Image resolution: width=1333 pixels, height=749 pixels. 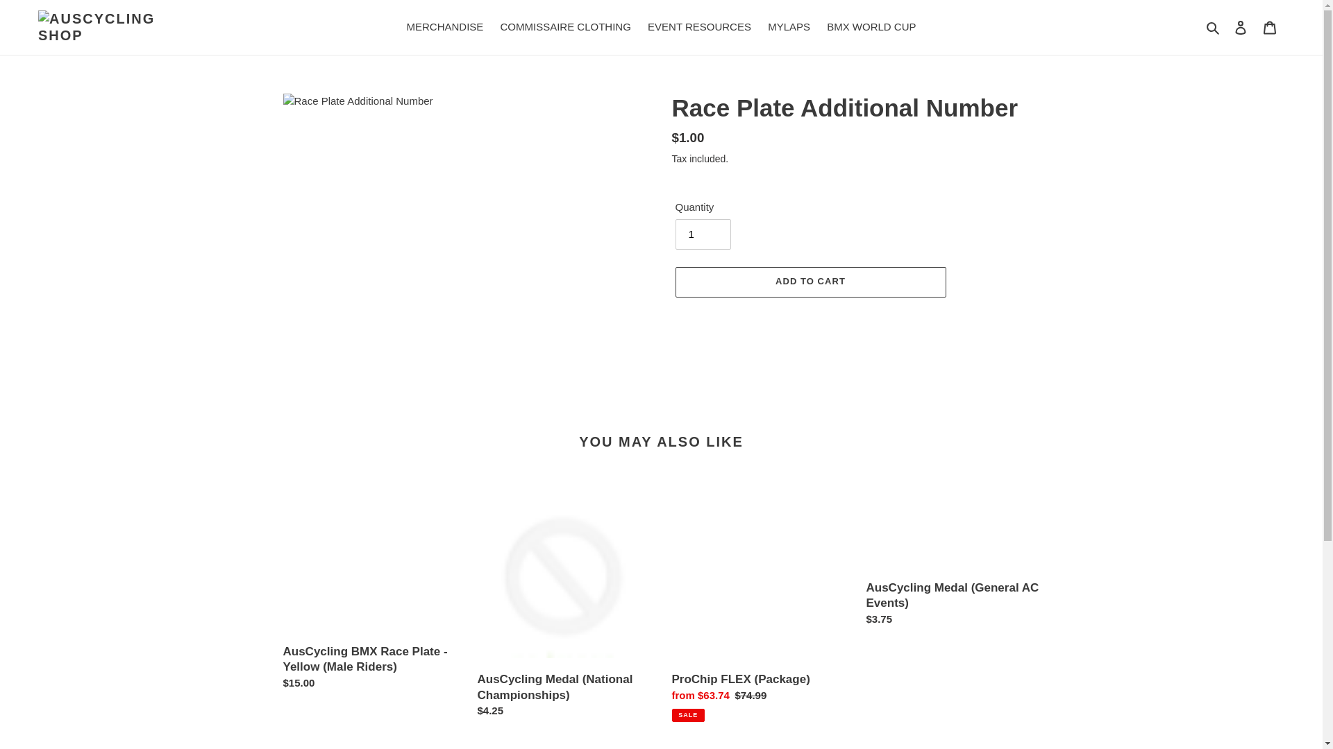 I want to click on 'Log in', so click(x=1226, y=27).